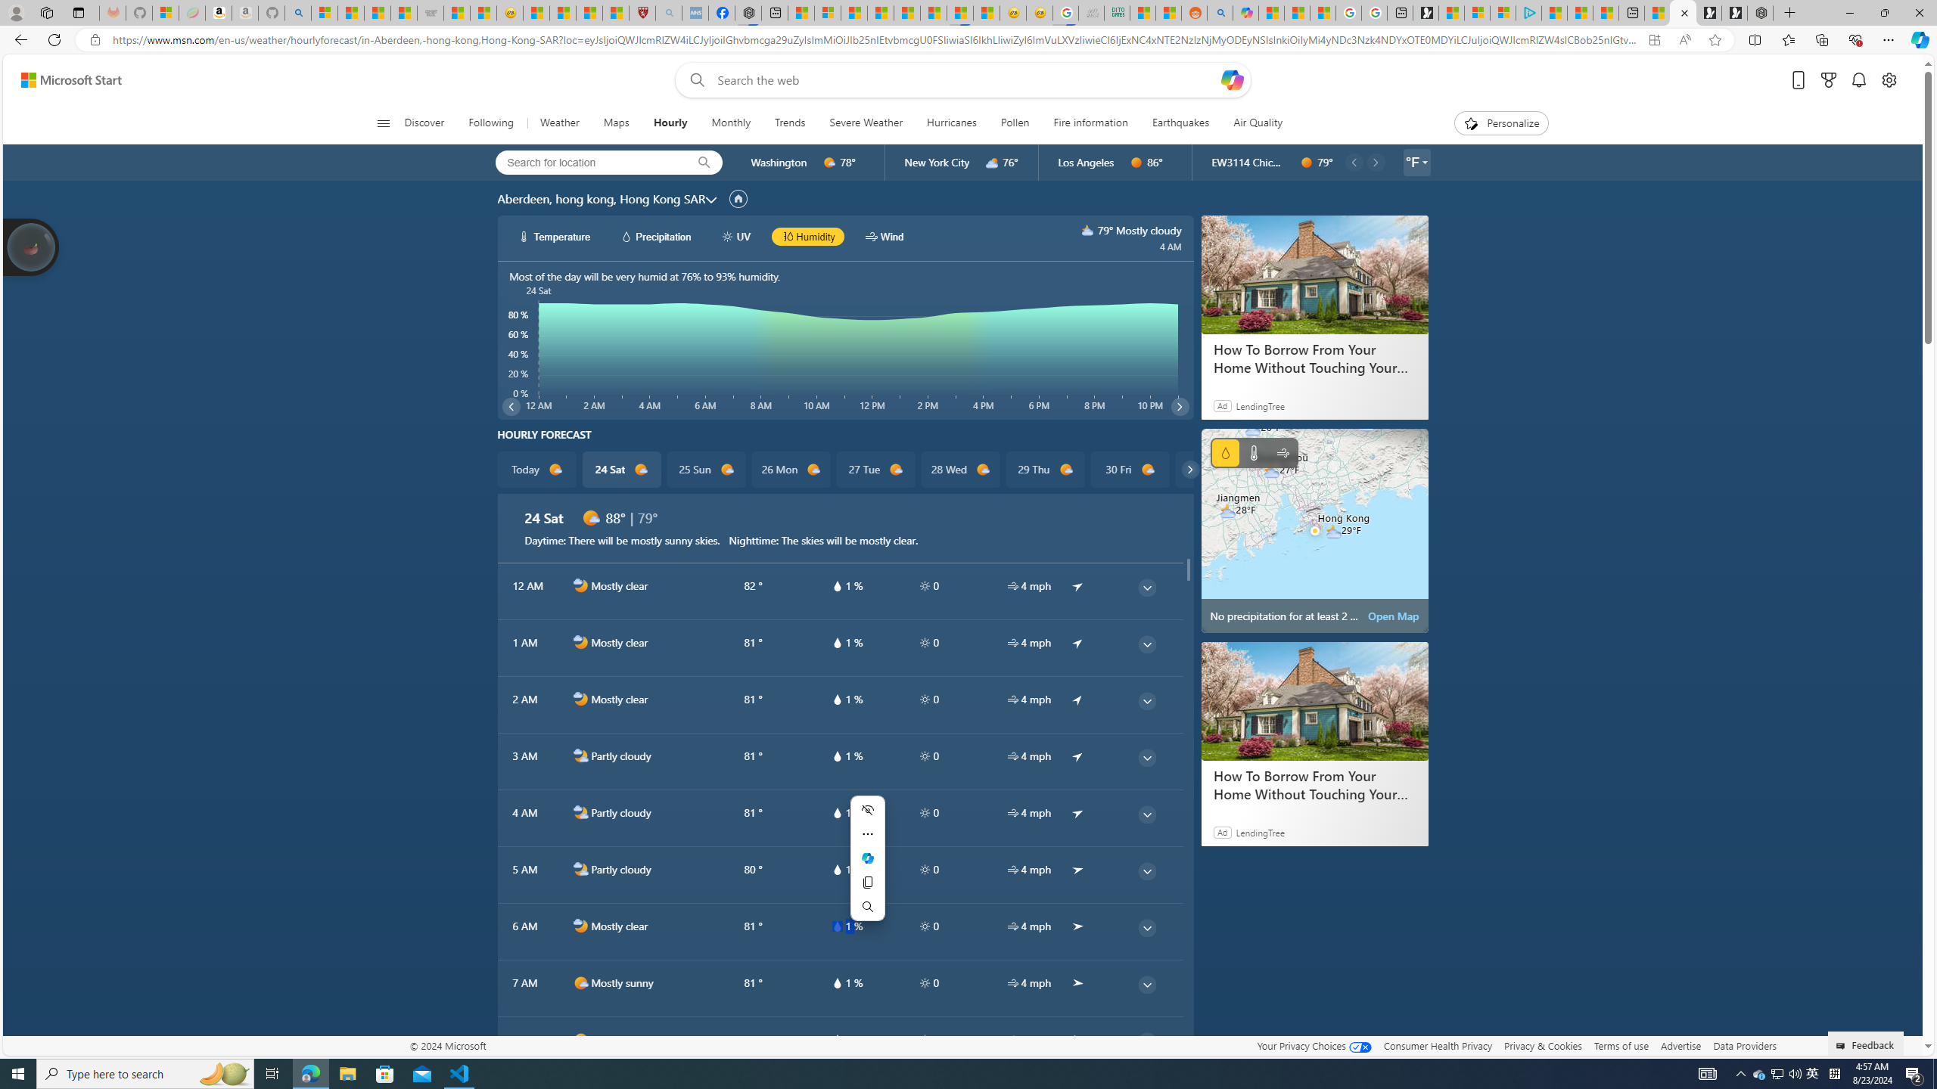 The width and height of the screenshot is (1937, 1089). I want to click on 'Air Quality', so click(1250, 123).